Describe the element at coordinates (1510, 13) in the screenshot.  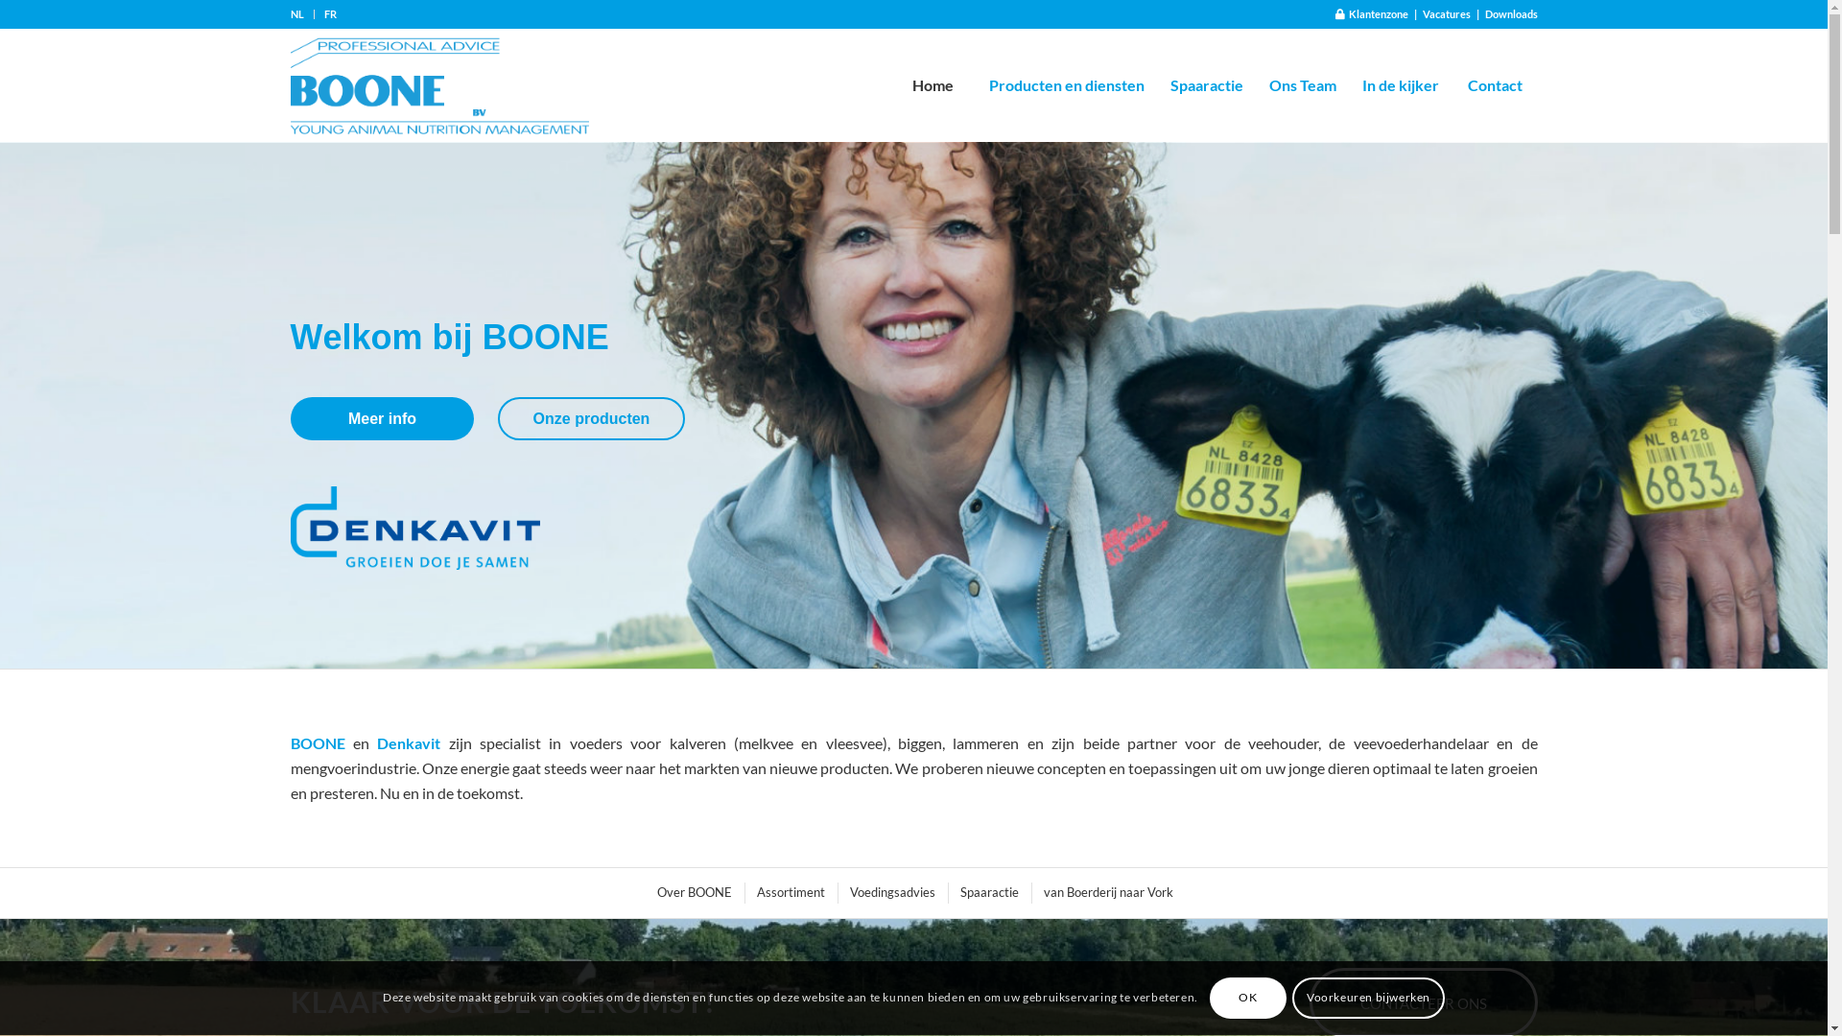
I see `'Downloads'` at that location.